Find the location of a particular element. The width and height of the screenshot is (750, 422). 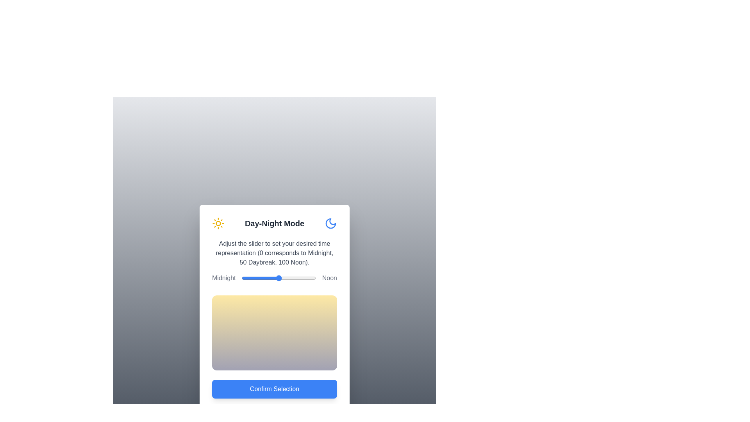

the slider to set the time representation to 16, observing the gradient change is located at coordinates (254, 278).